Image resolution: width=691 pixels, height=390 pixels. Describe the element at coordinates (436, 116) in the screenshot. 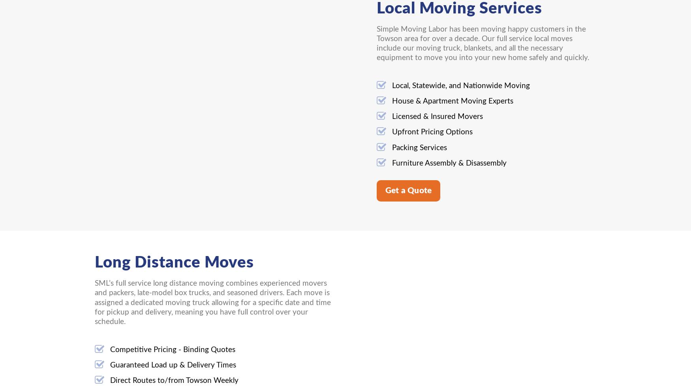

I see `'Licensed & Insured Movers'` at that location.